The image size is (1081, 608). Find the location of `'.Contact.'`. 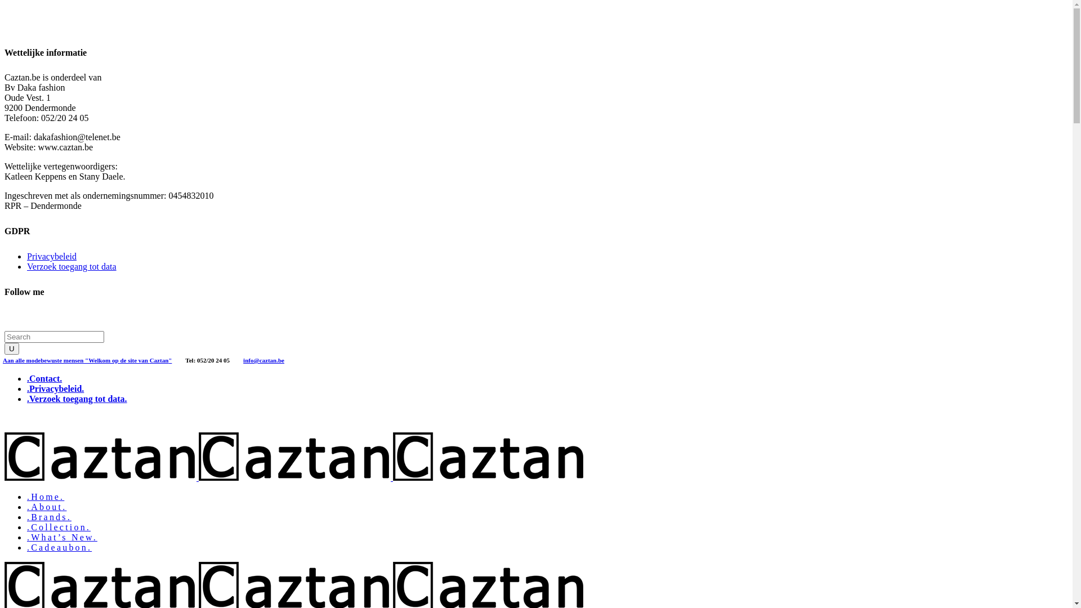

'.Contact.' is located at coordinates (44, 378).